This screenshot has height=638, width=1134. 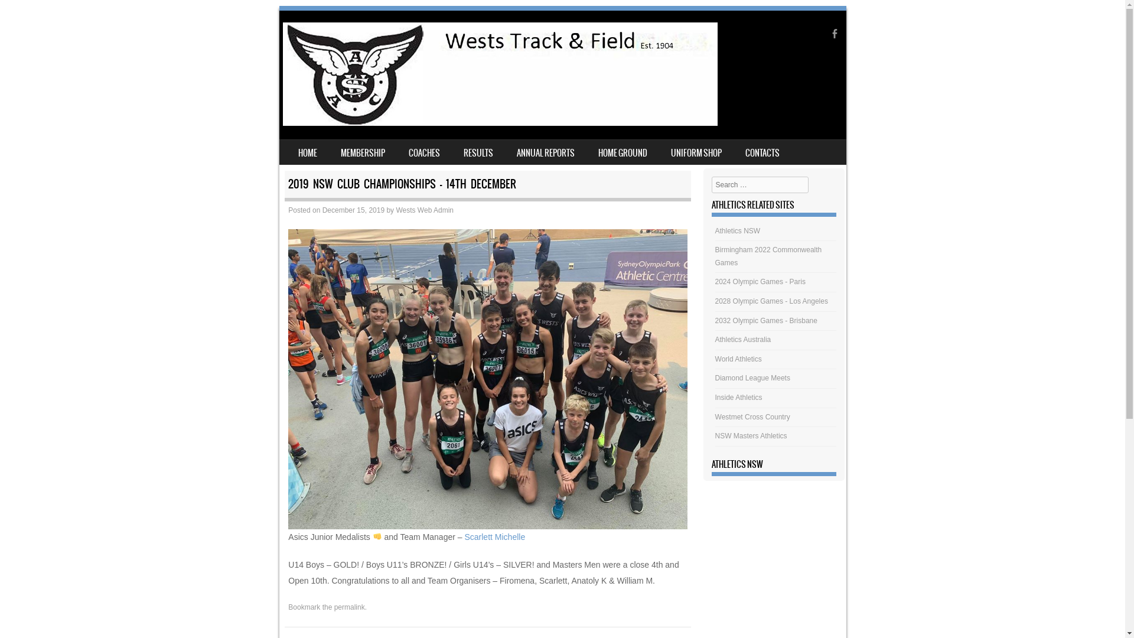 I want to click on 'Athletics Australia', so click(x=714, y=339).